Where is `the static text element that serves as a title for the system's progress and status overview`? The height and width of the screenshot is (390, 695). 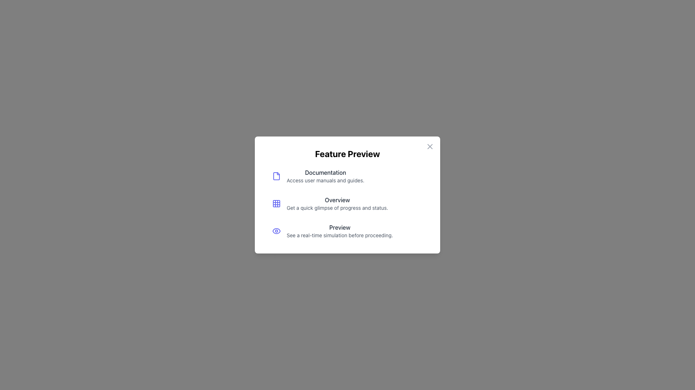 the static text element that serves as a title for the system's progress and status overview is located at coordinates (337, 200).